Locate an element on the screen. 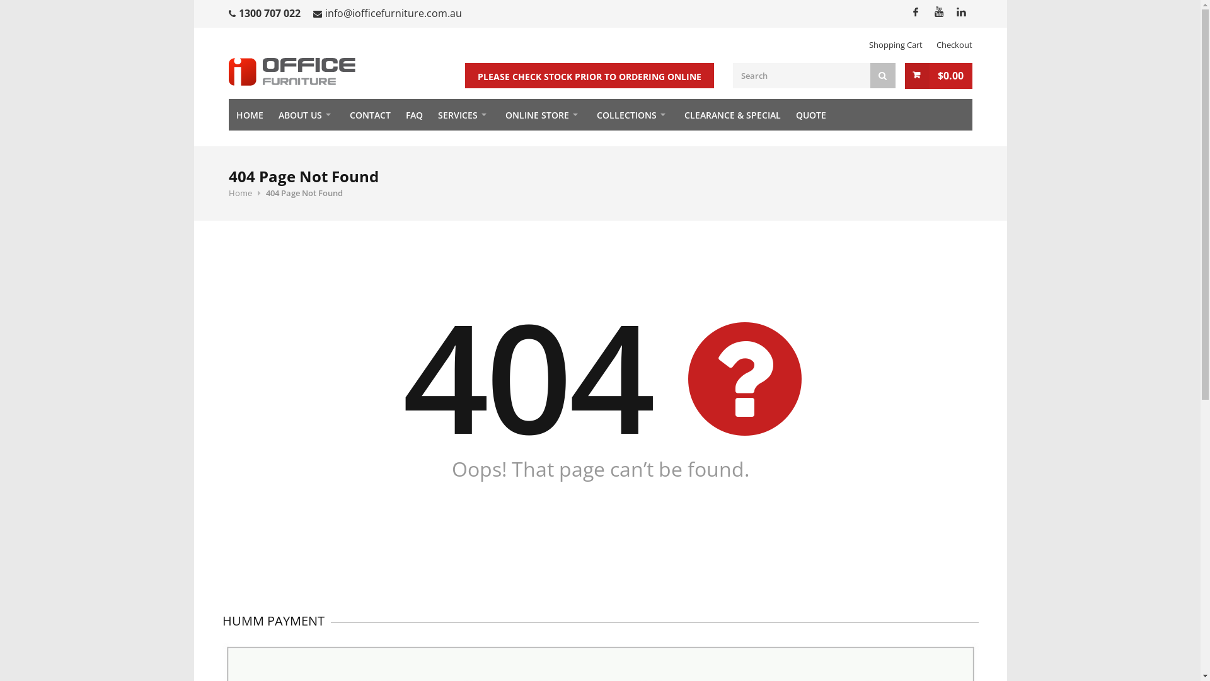  'HOME' is located at coordinates (249, 114).